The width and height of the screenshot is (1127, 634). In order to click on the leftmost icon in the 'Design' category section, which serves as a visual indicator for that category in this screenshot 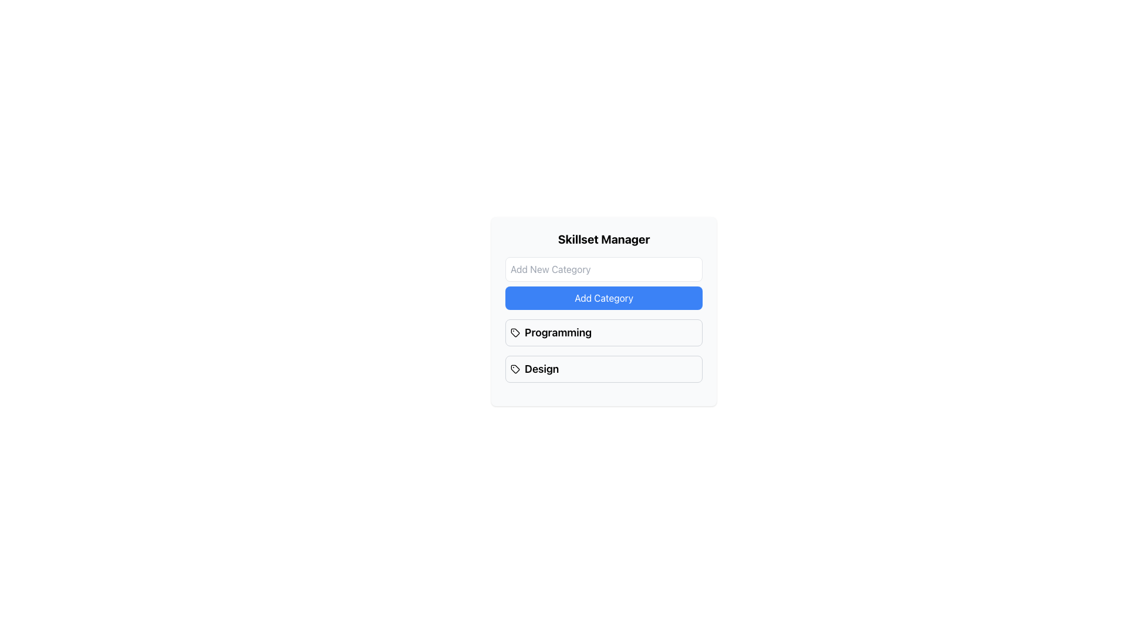, I will do `click(515, 368)`.